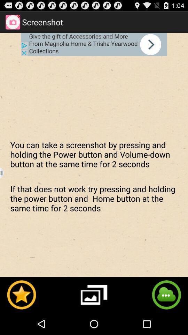  Describe the element at coordinates (21, 294) in the screenshot. I see `favorites` at that location.